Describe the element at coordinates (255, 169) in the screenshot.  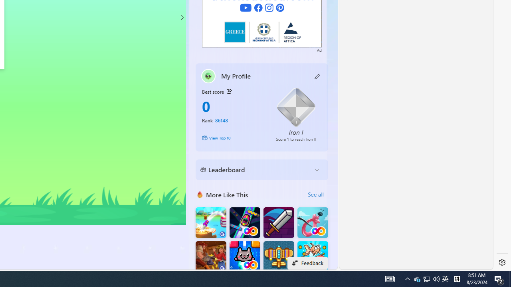
I see `'Leaderboard'` at that location.